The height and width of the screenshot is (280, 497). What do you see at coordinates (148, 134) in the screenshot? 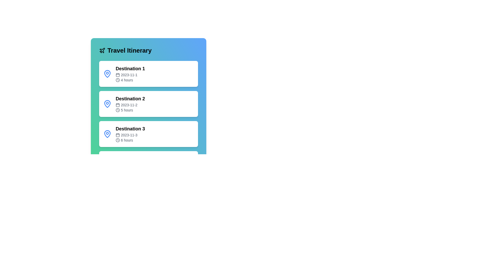
I see `the related details of the Informational card titled 'Destination 3', which is the third item in the stacked list of similar elements` at bounding box center [148, 134].